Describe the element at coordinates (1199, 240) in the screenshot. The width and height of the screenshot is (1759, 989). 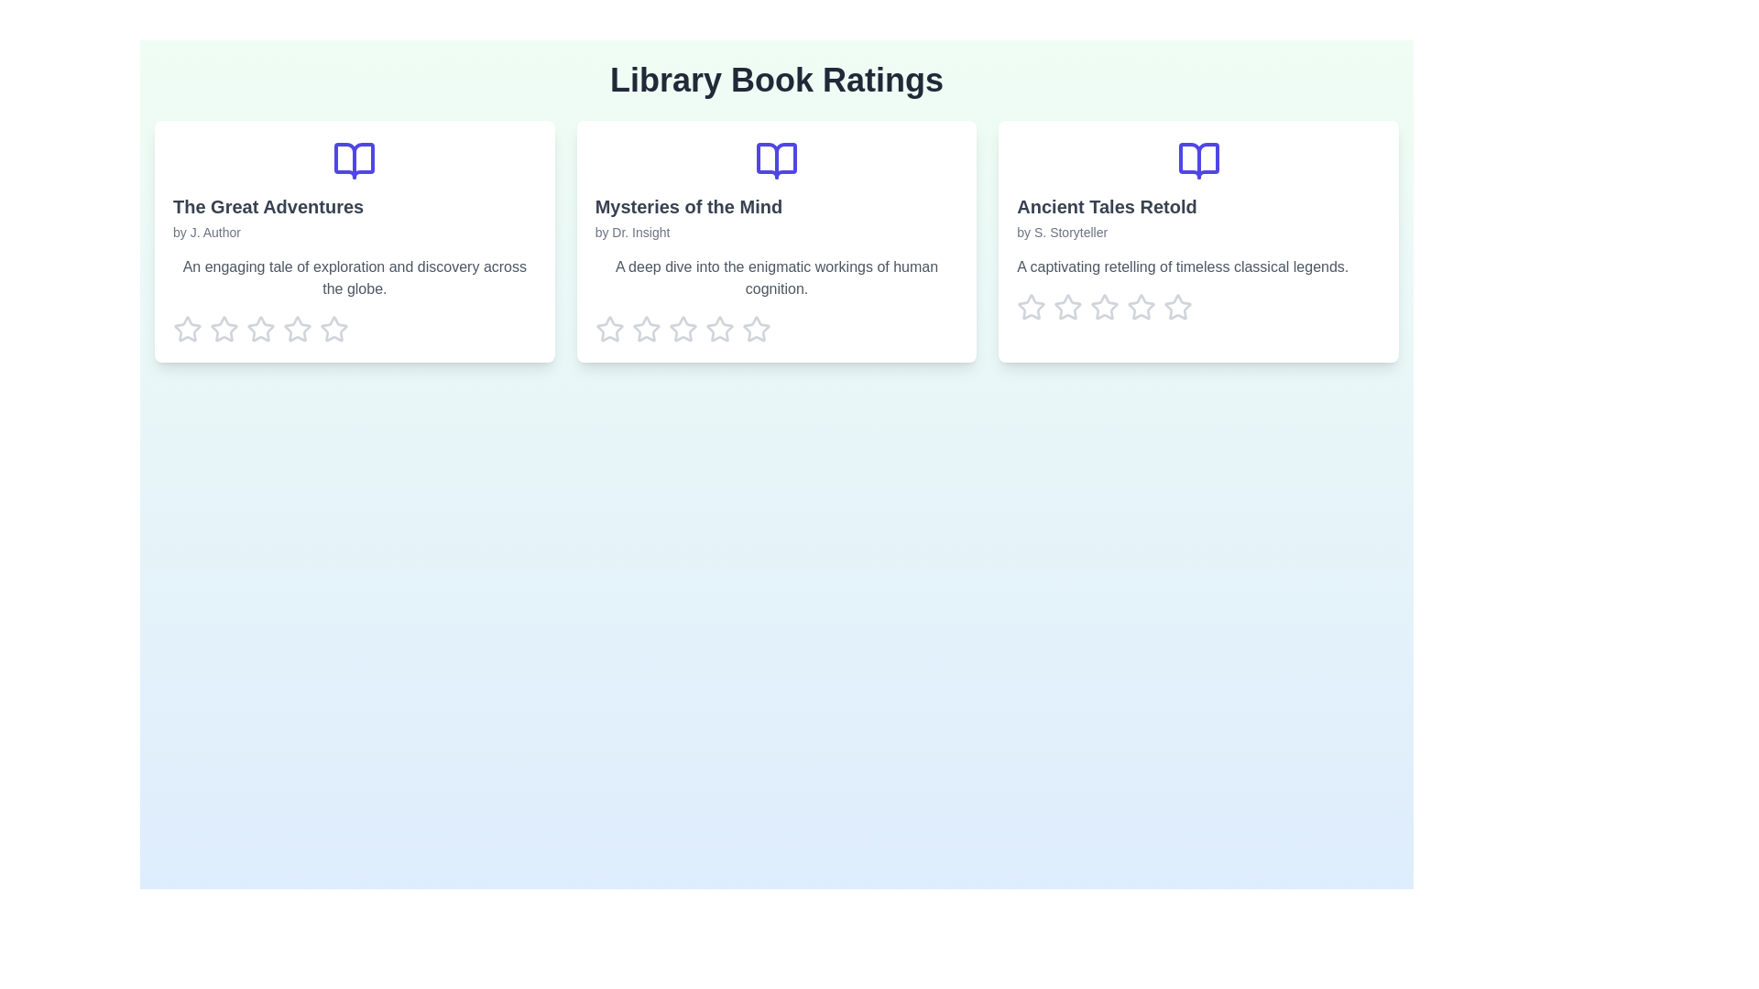
I see `the description of the book titled 'Ancient Tales Retold'` at that location.